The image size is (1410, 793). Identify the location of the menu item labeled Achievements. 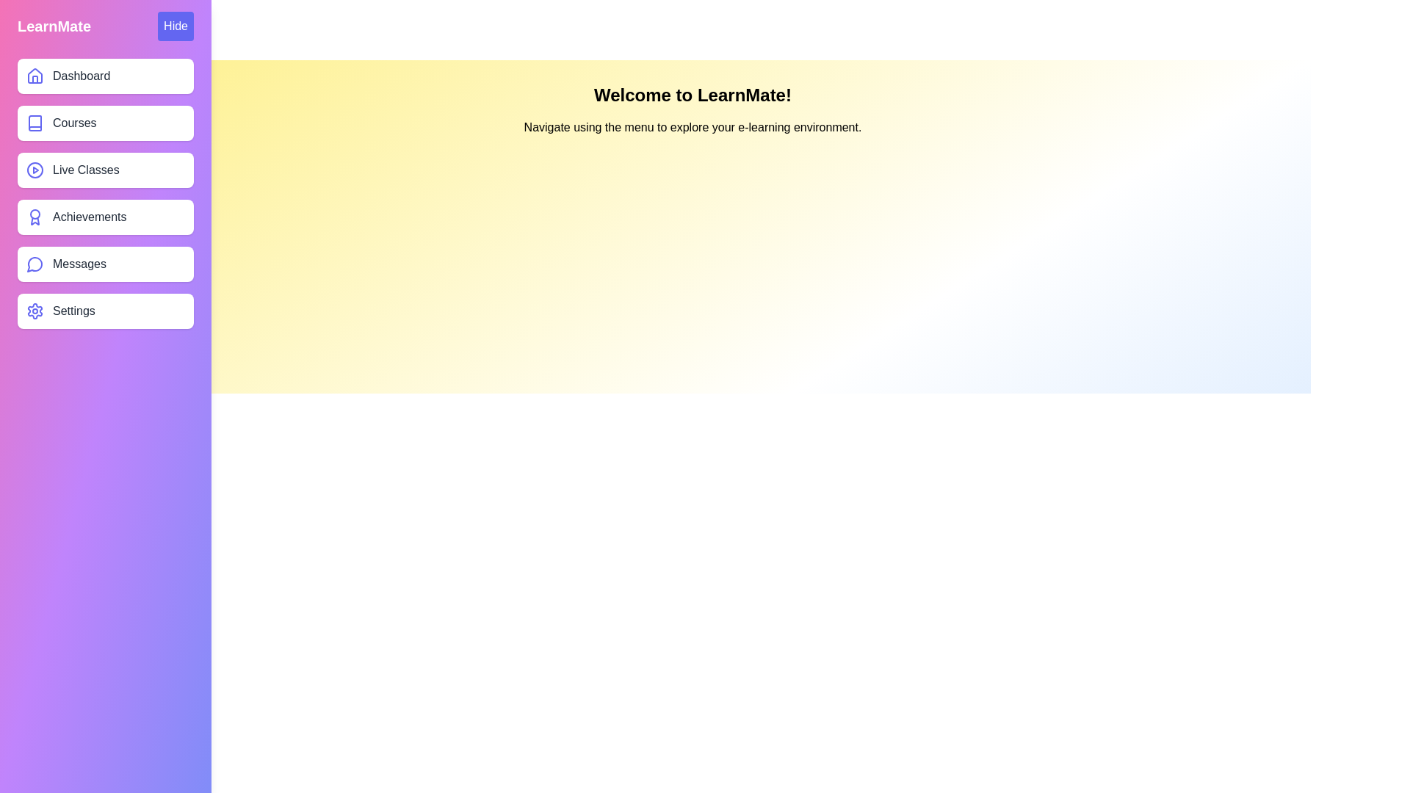
(105, 217).